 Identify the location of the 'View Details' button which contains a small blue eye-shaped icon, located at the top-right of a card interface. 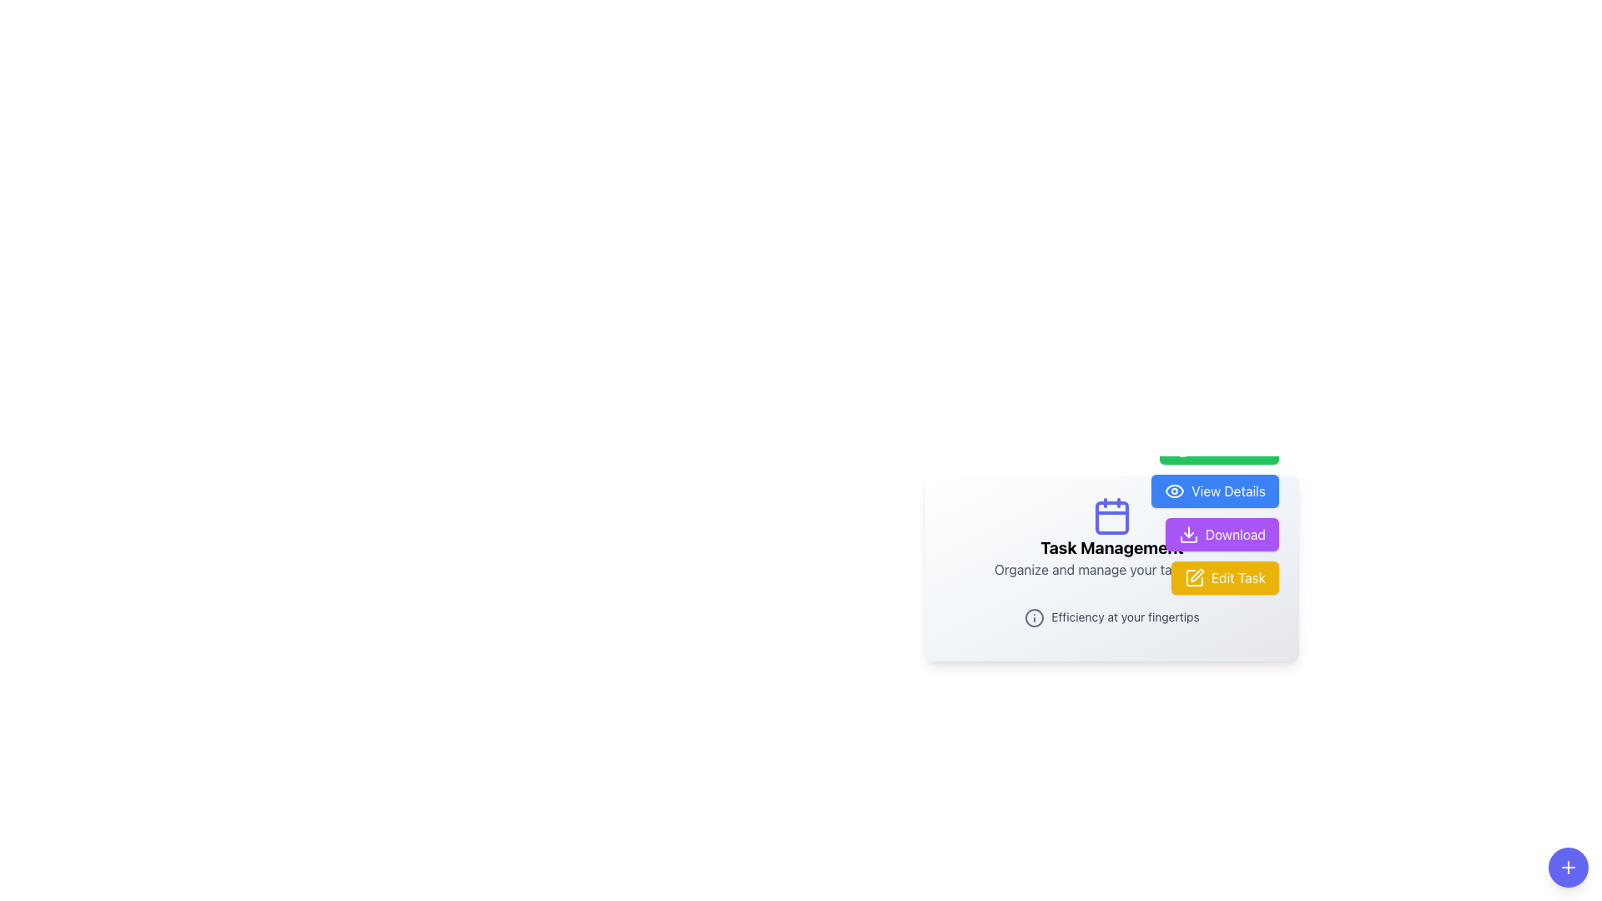
(1174, 490).